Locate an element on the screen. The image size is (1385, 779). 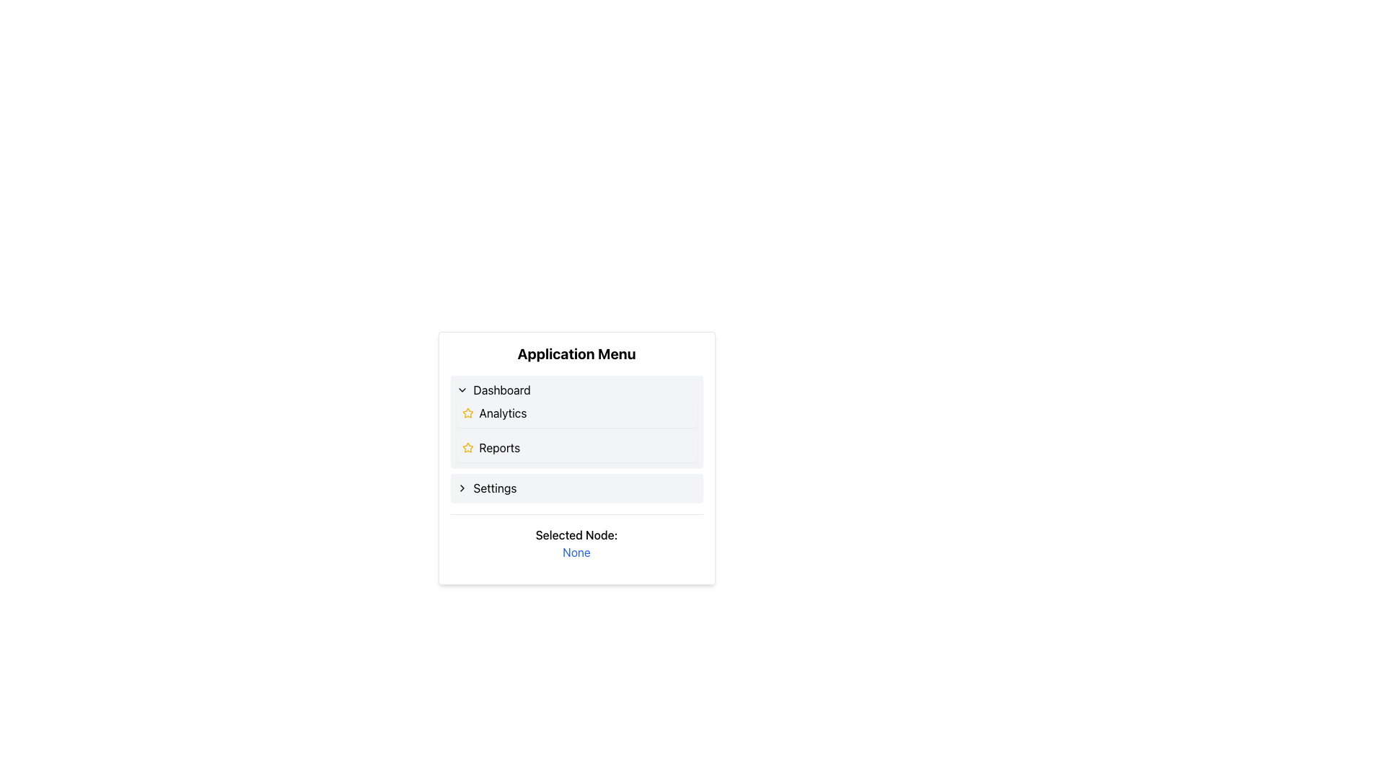
the second button in the 'Analytics' section of the application menu is located at coordinates (576, 447).